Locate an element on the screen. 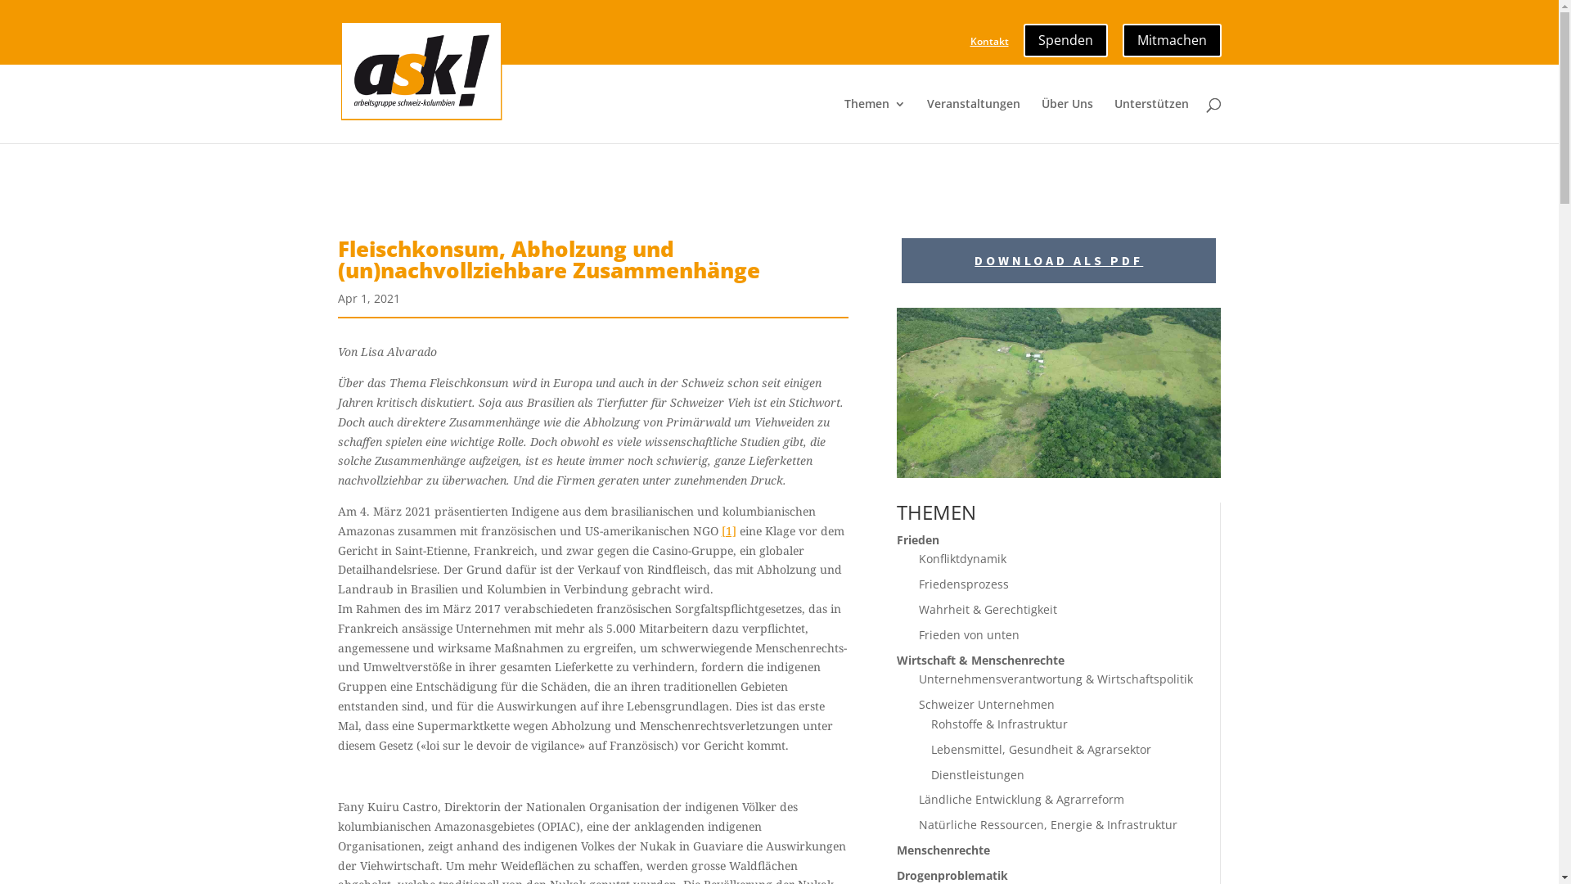  'Drogenproblematik' is located at coordinates (952, 874).